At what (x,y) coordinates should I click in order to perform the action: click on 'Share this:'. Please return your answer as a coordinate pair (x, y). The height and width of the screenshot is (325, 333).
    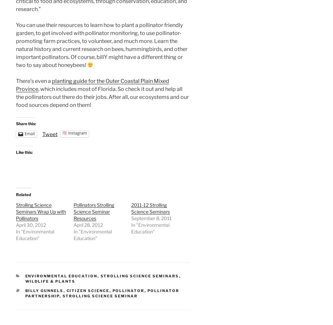
    Looking at the image, I should click on (26, 123).